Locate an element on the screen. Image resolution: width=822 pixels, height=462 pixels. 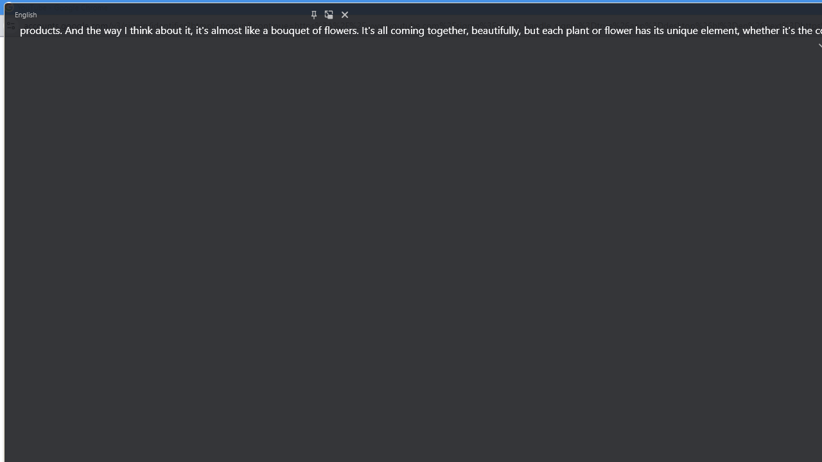
'Pin' is located at coordinates (313, 15).